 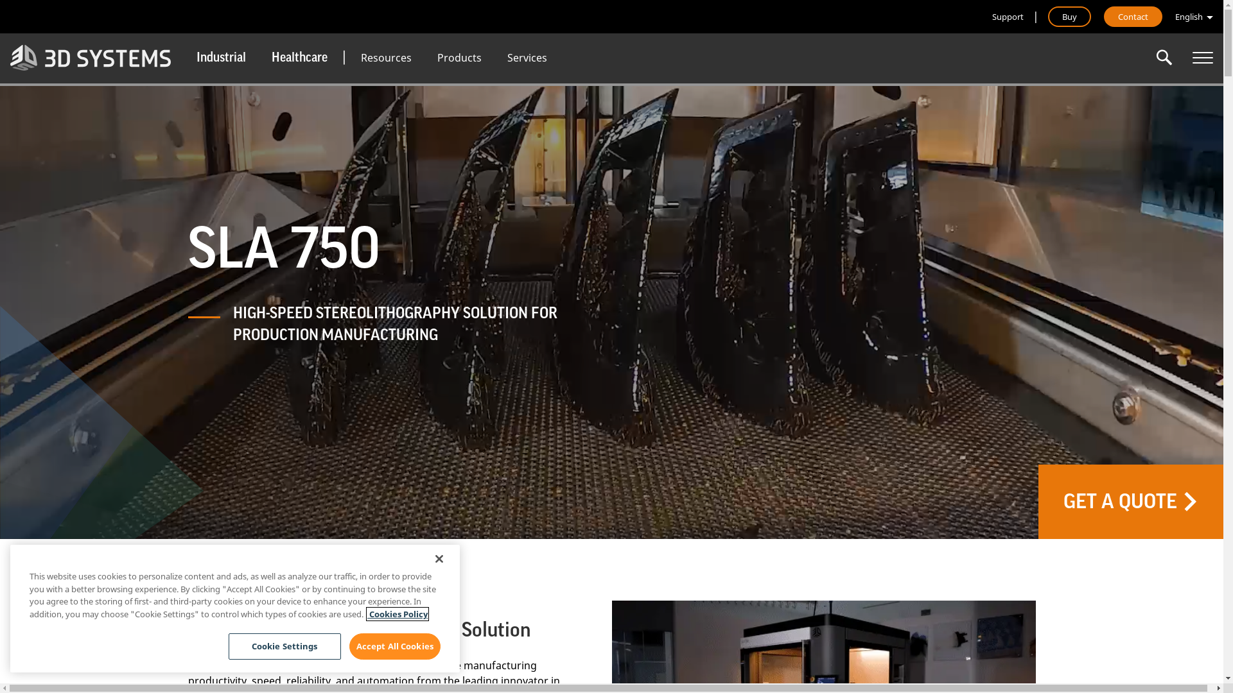 I want to click on 'Healthcare', so click(x=258, y=56).